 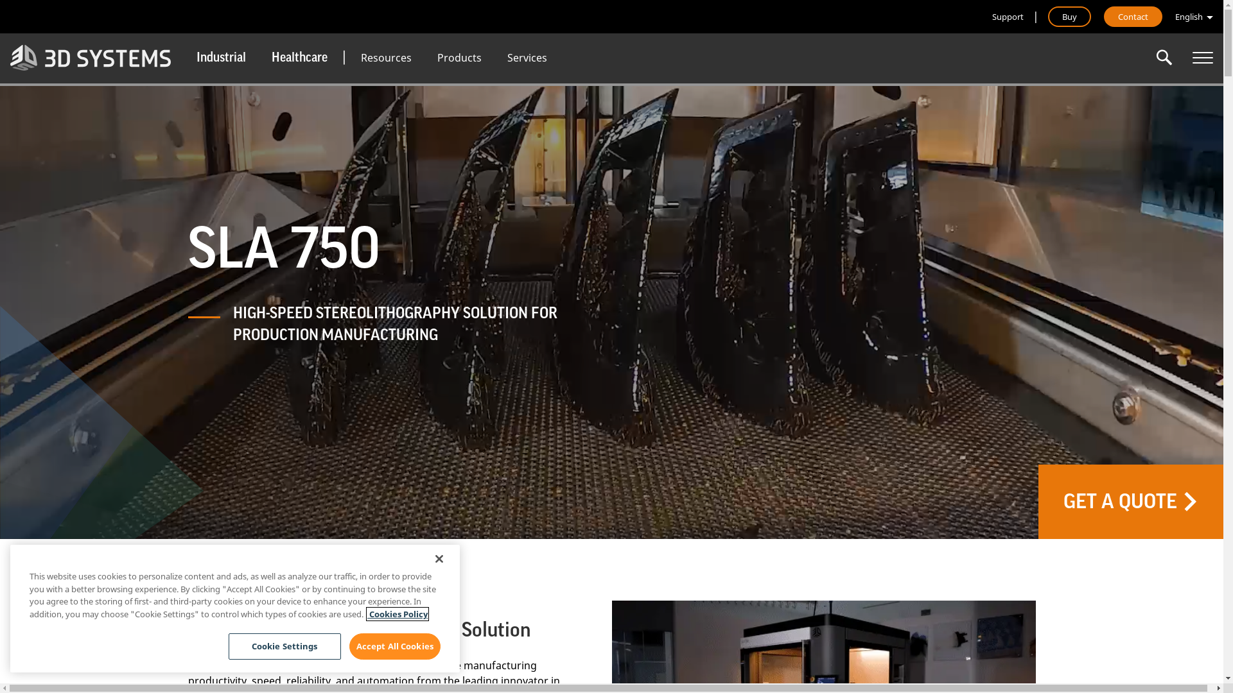 I want to click on 'Healthcare', so click(x=258, y=56).